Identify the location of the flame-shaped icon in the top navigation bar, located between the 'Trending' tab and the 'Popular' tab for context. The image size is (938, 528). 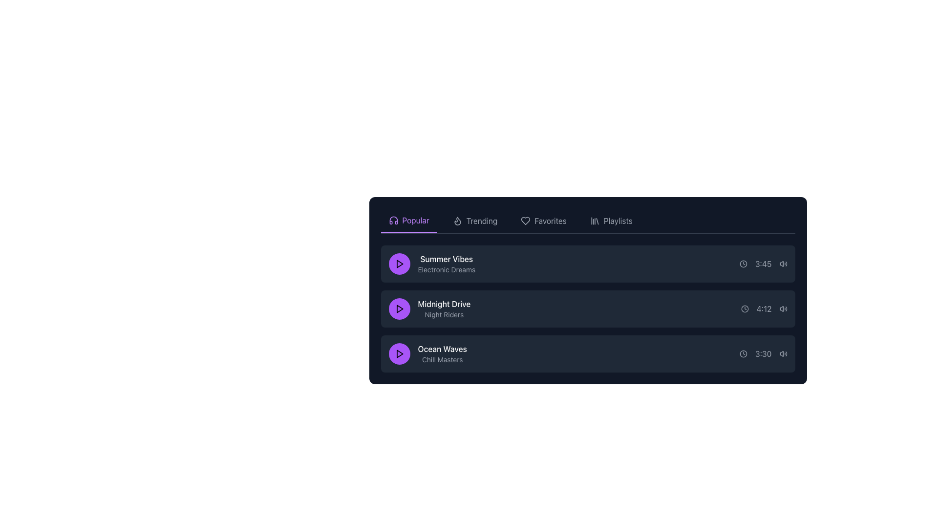
(457, 221).